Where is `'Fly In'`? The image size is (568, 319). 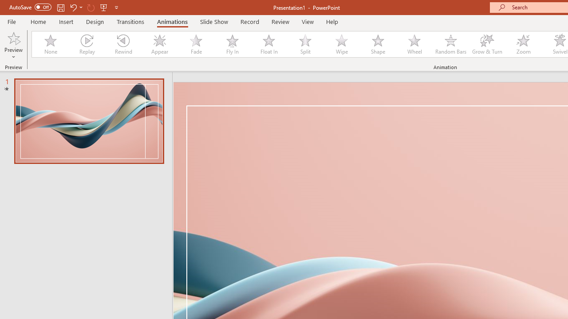
'Fly In' is located at coordinates (232, 44).